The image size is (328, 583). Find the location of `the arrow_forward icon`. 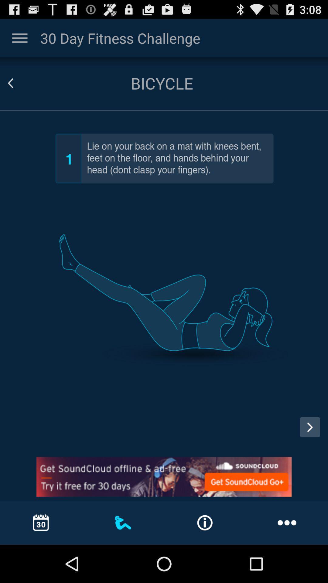

the arrow_forward icon is located at coordinates (312, 463).